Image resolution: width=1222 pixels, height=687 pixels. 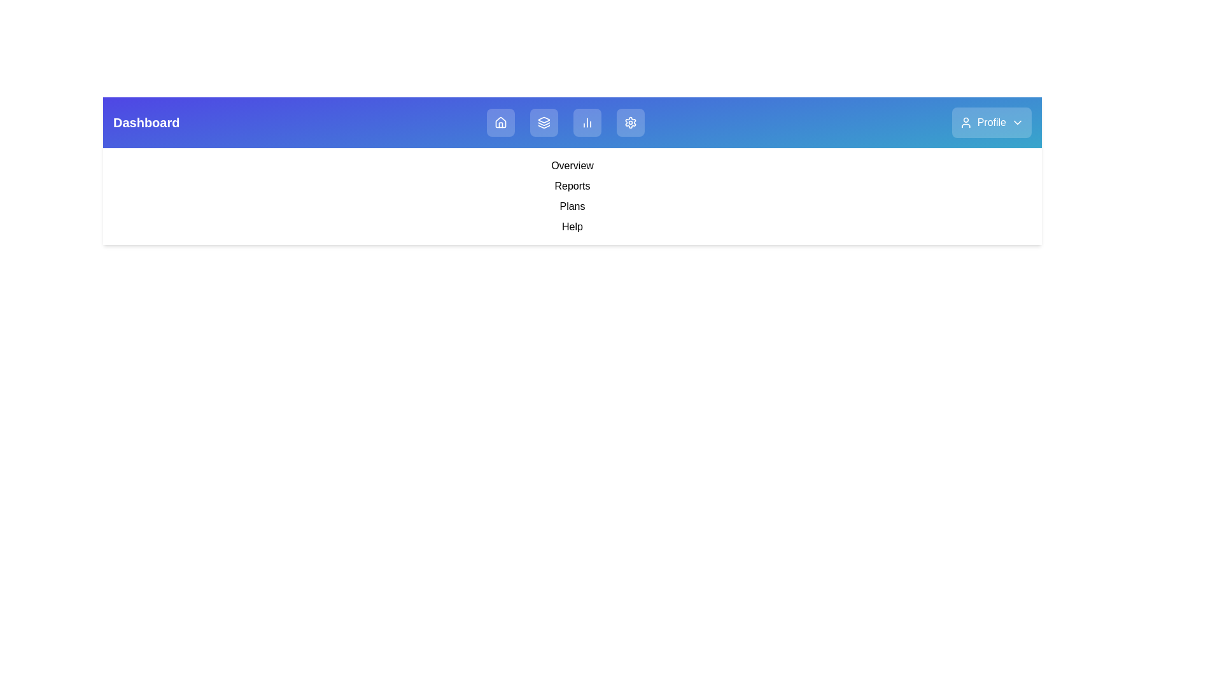 What do you see at coordinates (544, 122) in the screenshot?
I see `the Layers navigation button` at bounding box center [544, 122].